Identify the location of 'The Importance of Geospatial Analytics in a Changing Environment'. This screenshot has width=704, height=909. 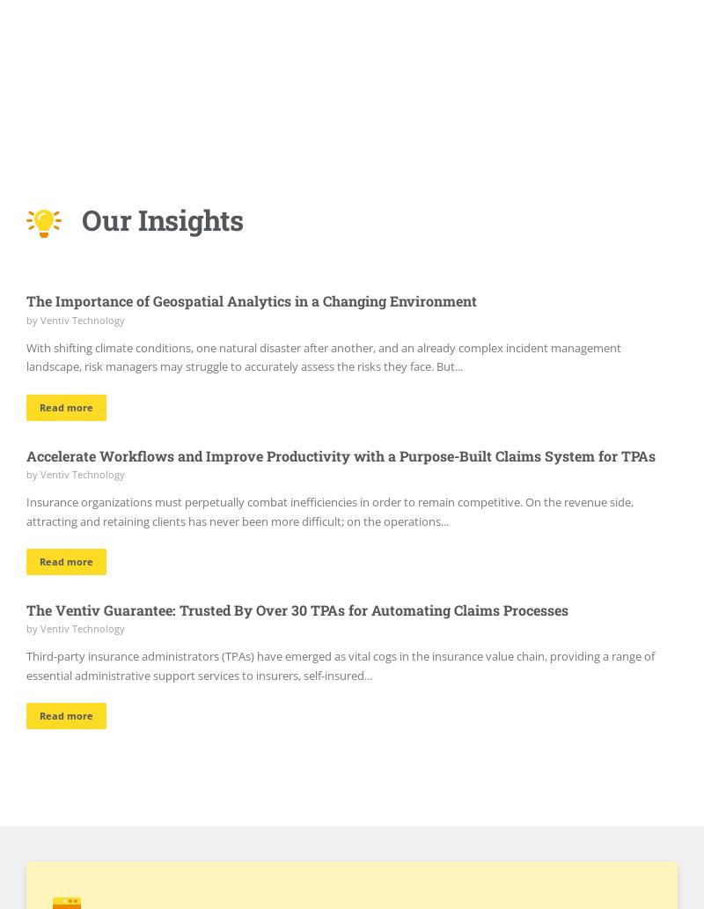
(252, 300).